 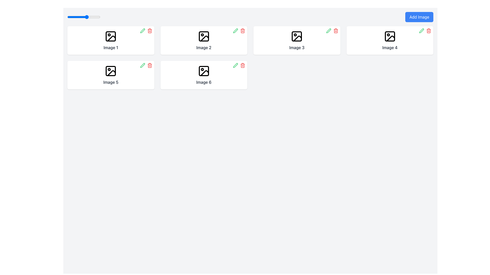 What do you see at coordinates (142, 65) in the screenshot?
I see `the edit icon located at the top-right corner of the thumbnail labeled 'Image 5'` at bounding box center [142, 65].